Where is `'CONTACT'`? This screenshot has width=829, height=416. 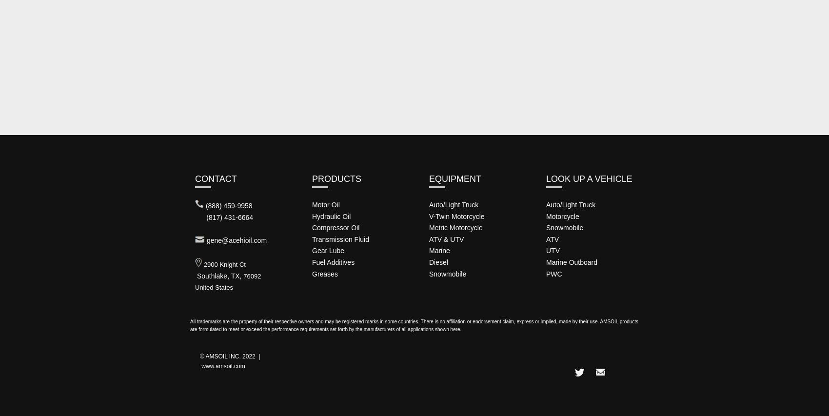 'CONTACT' is located at coordinates (216, 178).